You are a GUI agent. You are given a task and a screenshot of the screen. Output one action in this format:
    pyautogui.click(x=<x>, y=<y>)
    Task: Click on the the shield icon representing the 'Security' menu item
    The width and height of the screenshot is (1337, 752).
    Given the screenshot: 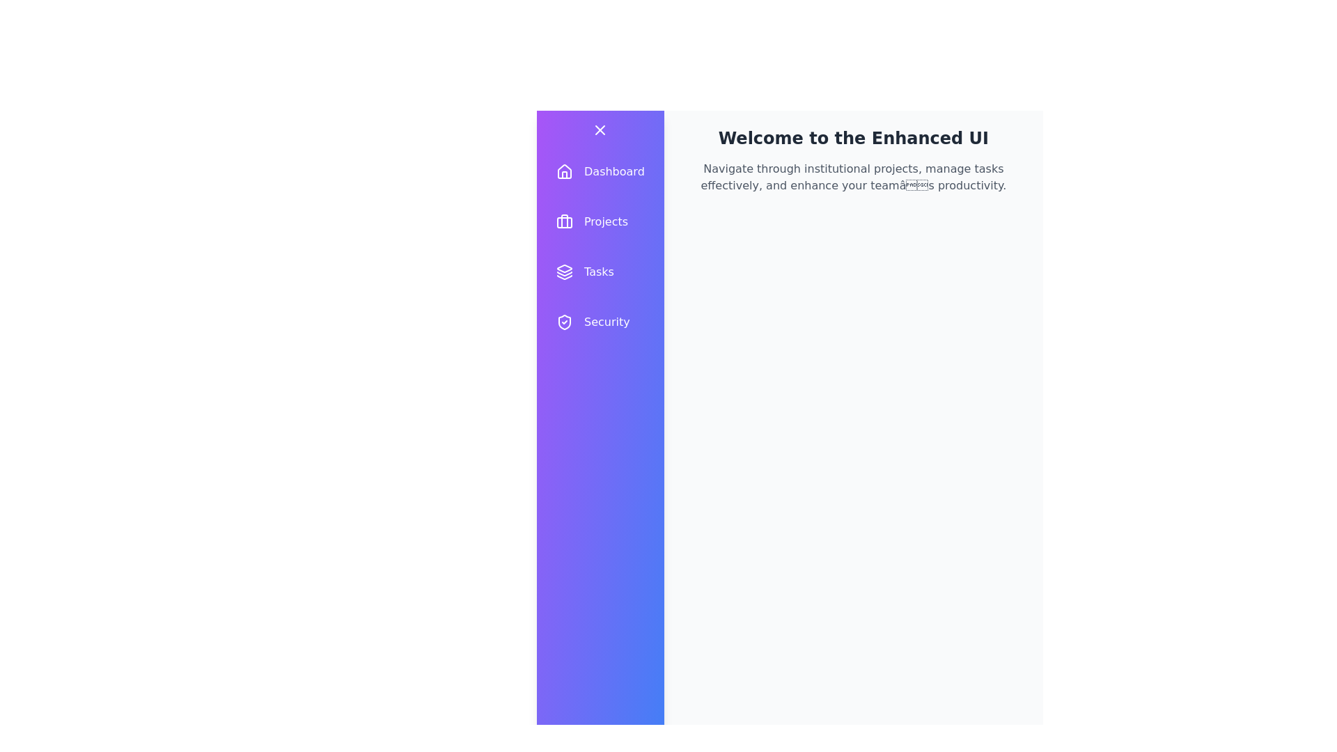 What is the action you would take?
    pyautogui.click(x=565, y=322)
    